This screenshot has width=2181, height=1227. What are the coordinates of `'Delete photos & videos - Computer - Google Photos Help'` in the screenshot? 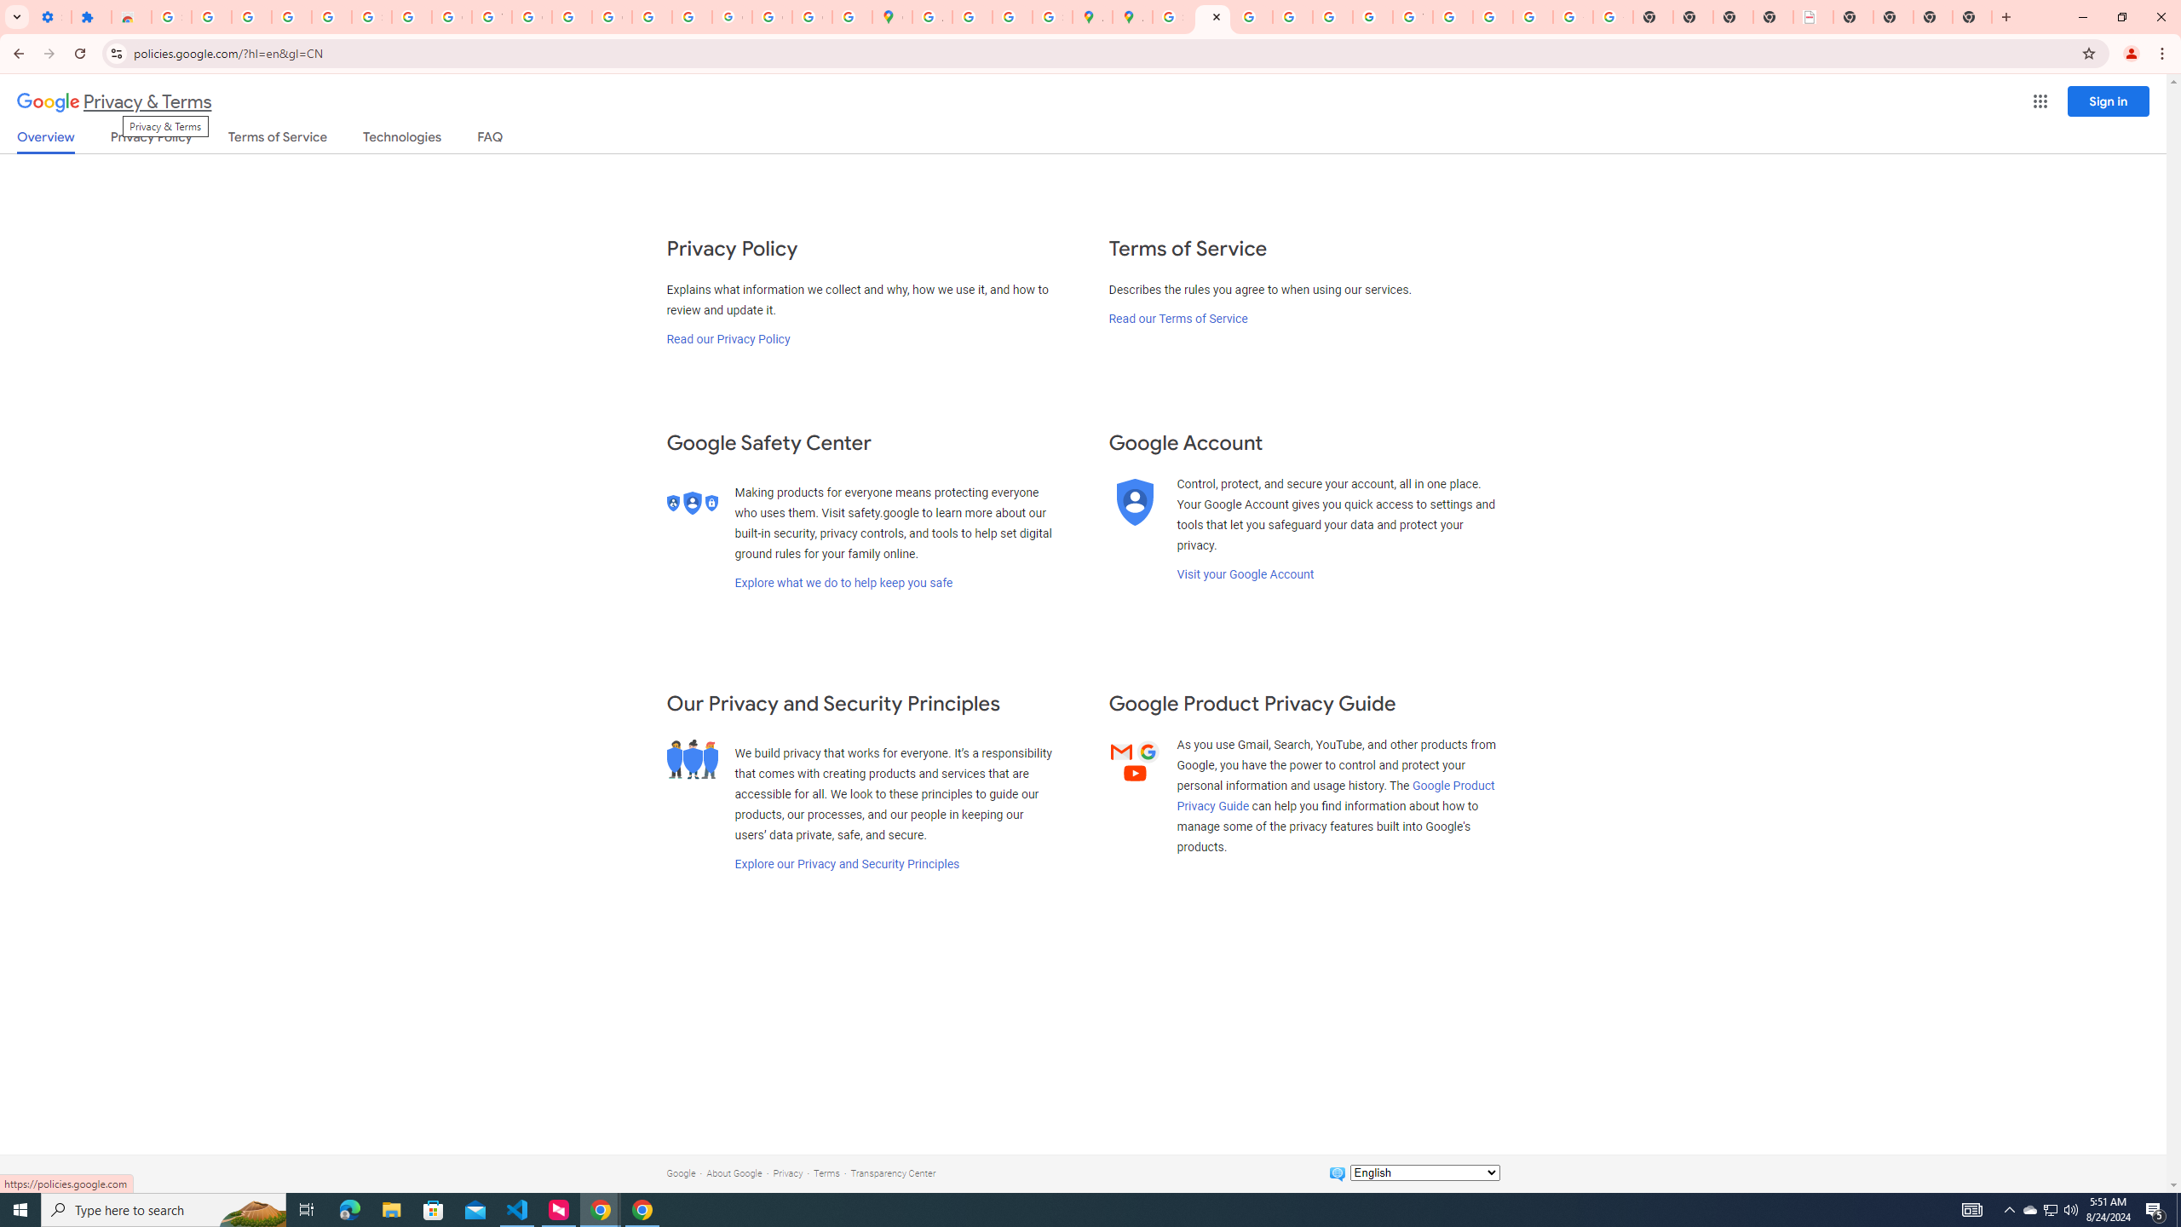 It's located at (250, 16).